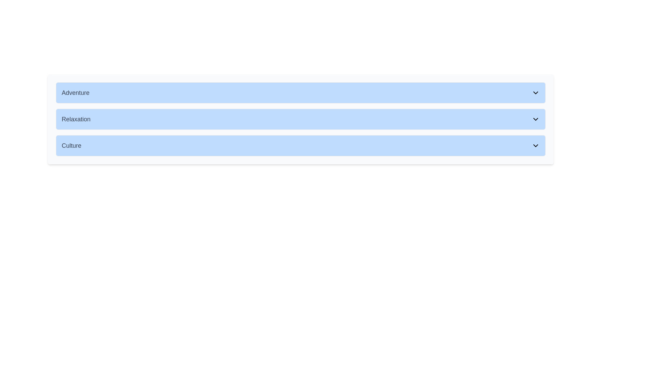 This screenshot has height=366, width=651. Describe the element at coordinates (76, 119) in the screenshot. I see `text from the label located in the second section from the top of a vertically stacked group of blue background sections, positioned towards the left adjacent to a right-aligned chevron icon` at that location.